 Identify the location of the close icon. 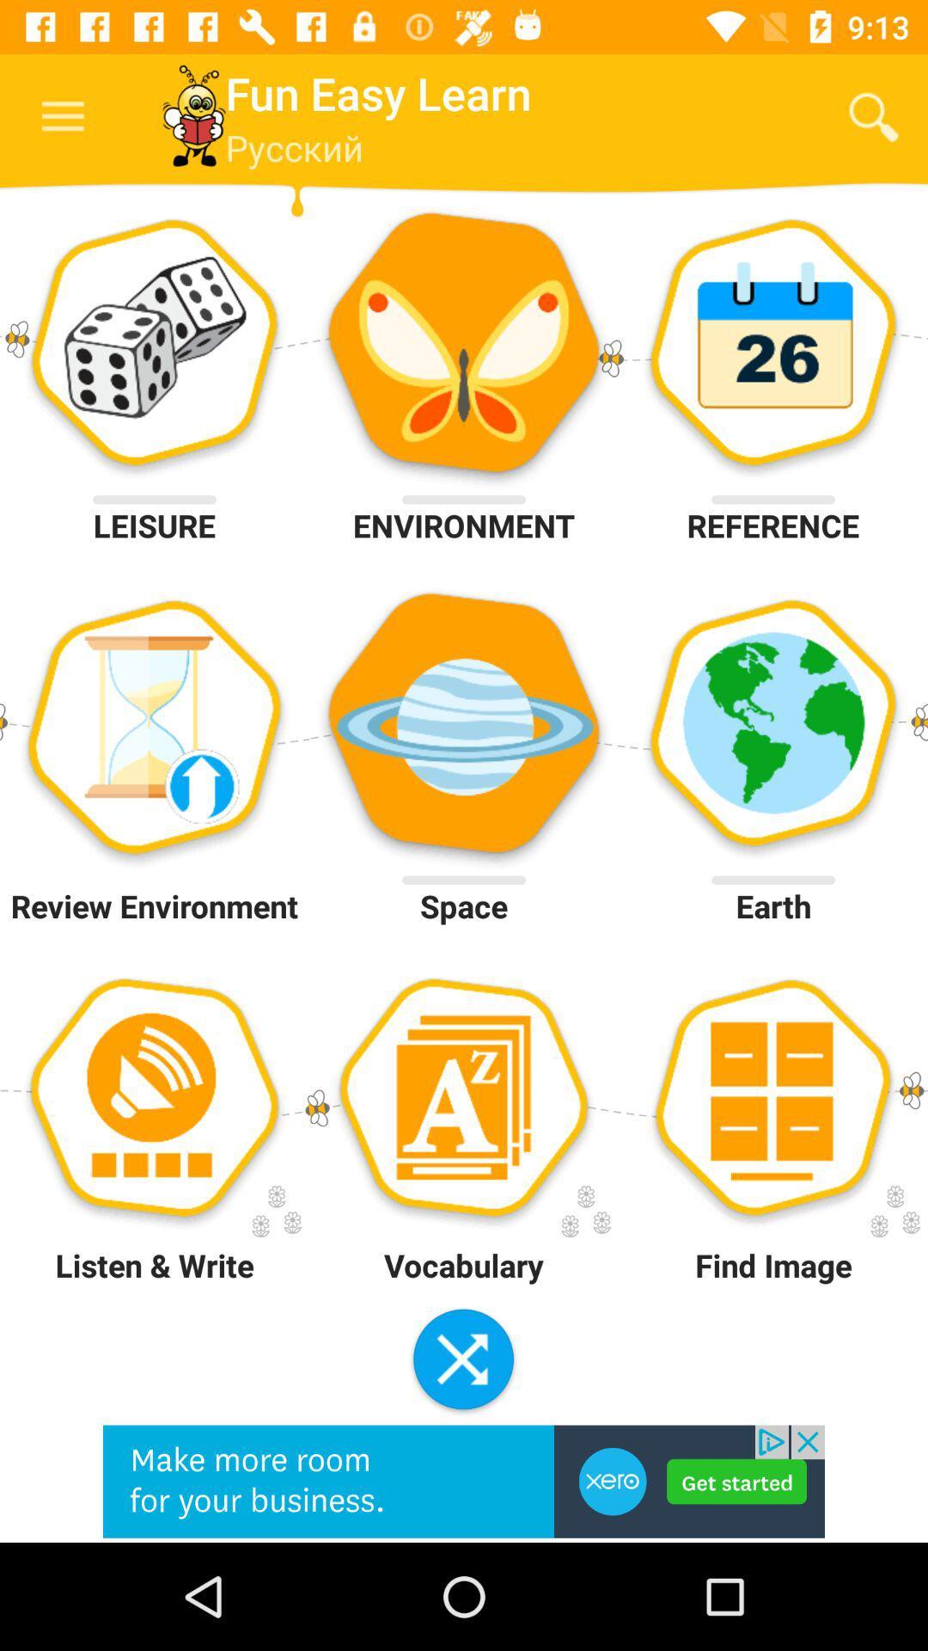
(462, 1360).